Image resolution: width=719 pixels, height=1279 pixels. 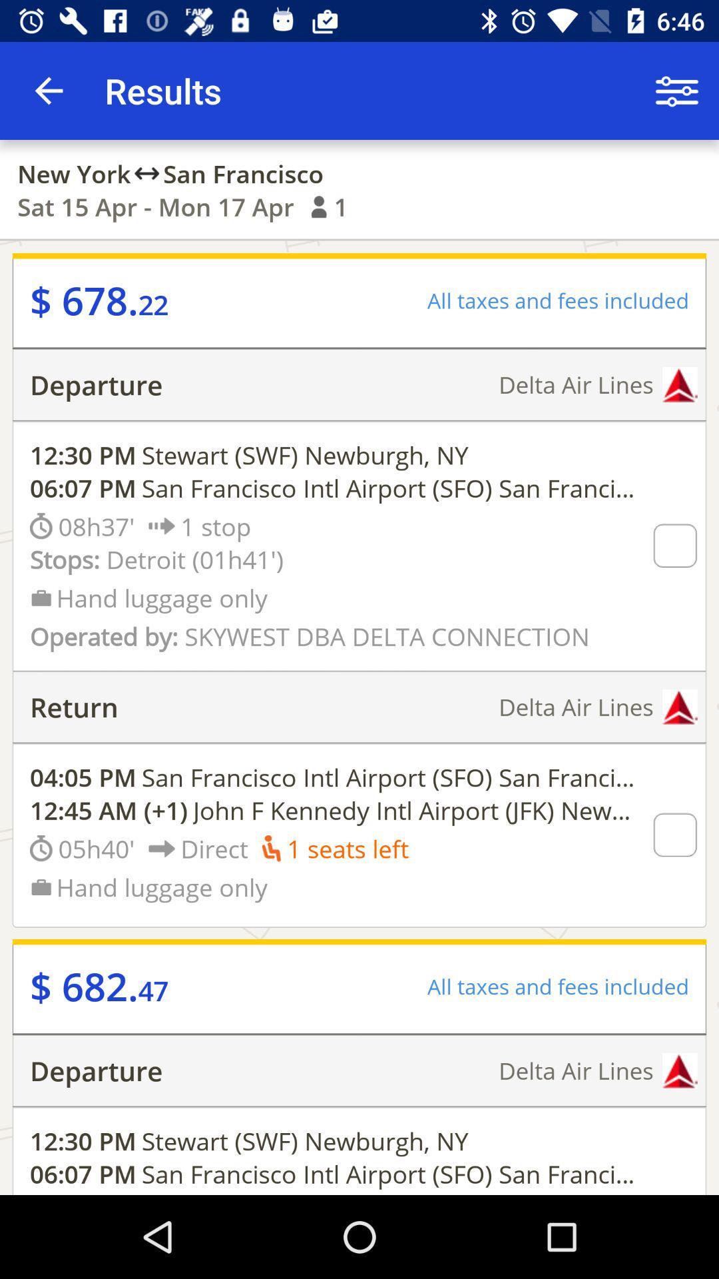 I want to click on the item to the right of results, so click(x=677, y=90).